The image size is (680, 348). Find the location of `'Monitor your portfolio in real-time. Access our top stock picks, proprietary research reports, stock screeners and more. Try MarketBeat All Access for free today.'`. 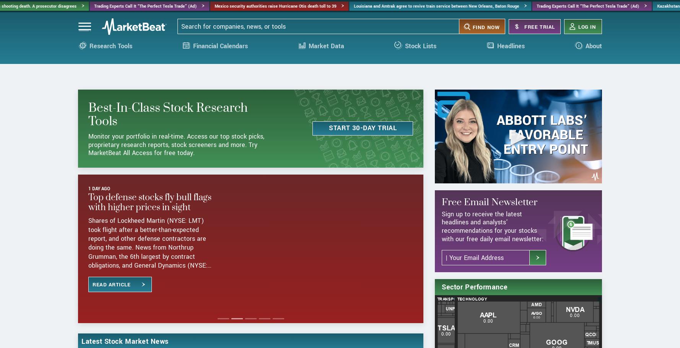

'Monitor your portfolio in real-time. Access our top stock picks, proprietary research reports, stock screeners and more. Try MarketBeat All Access for free today.' is located at coordinates (88, 173).